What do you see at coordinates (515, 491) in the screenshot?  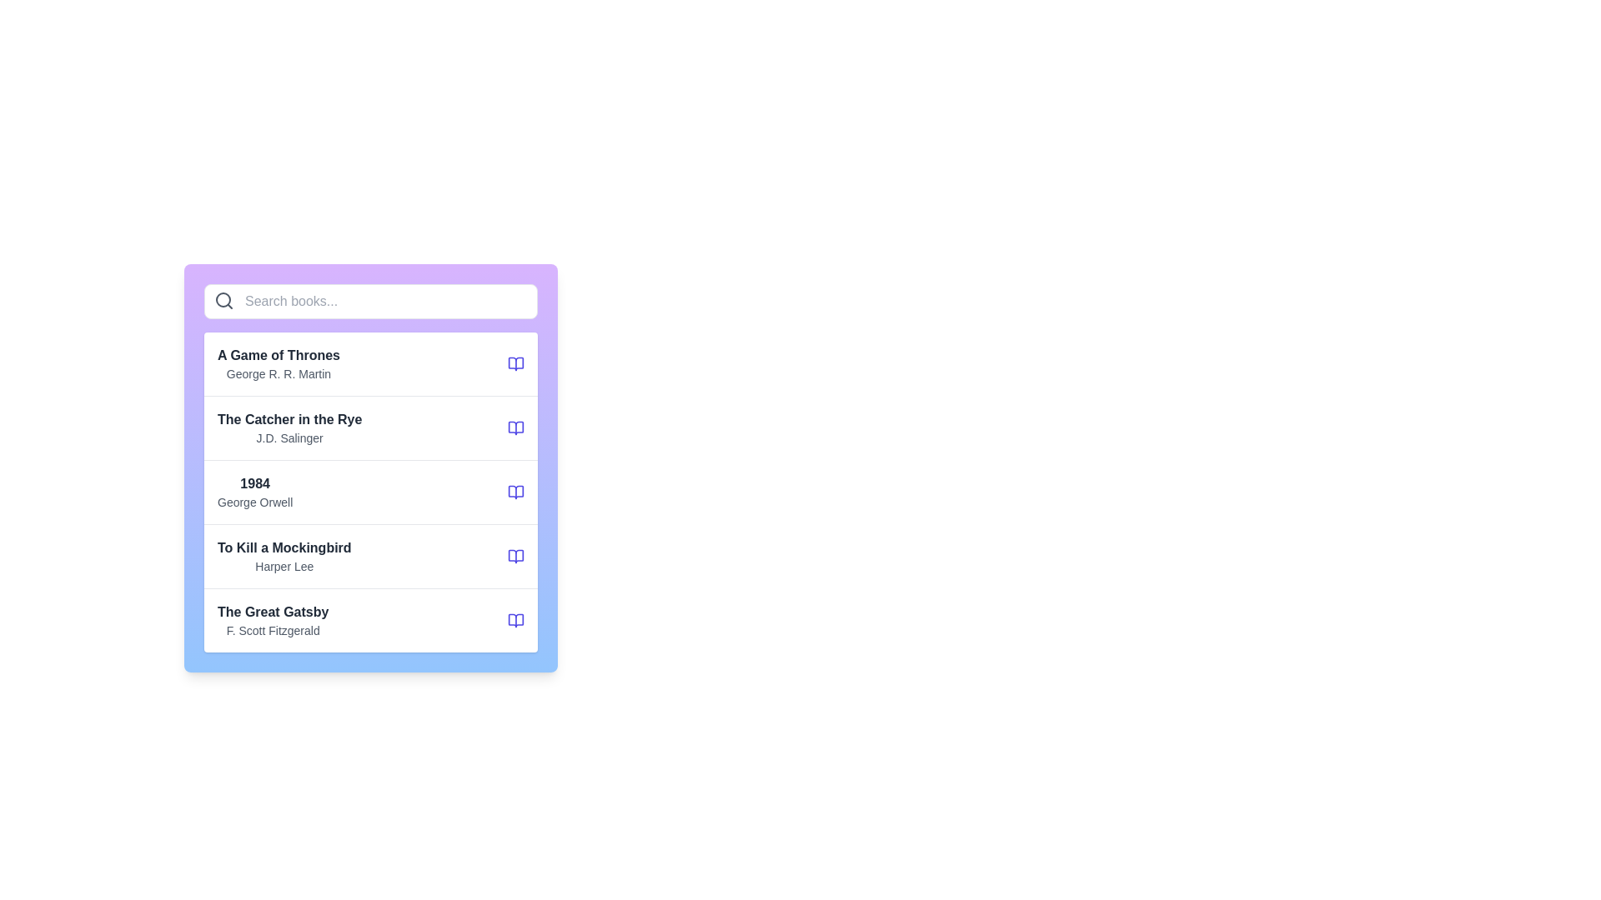 I see `the indigo book icon representing the title '1984', which is the second icon in the row of icons aligned to the right of the text content` at bounding box center [515, 491].